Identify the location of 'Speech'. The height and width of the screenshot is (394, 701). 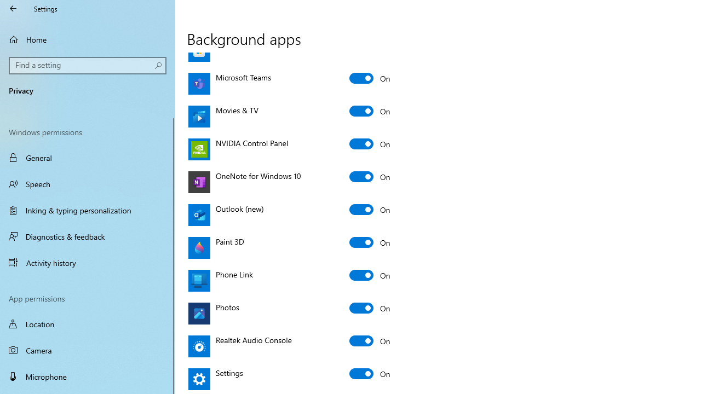
(88, 183).